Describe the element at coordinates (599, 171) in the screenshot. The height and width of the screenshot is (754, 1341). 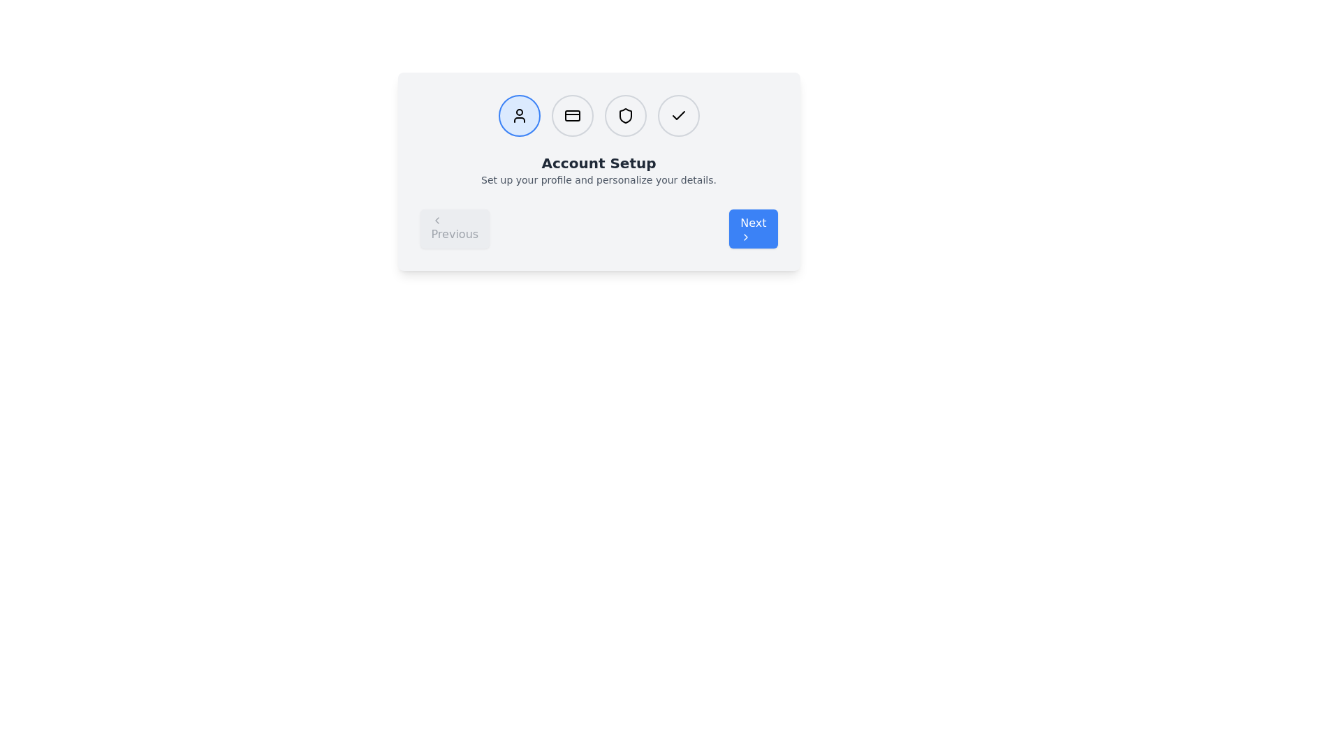
I see `the informational text block containing the heading 'Account Setup' and description 'Set up your profile and personalize your details.'` at that location.